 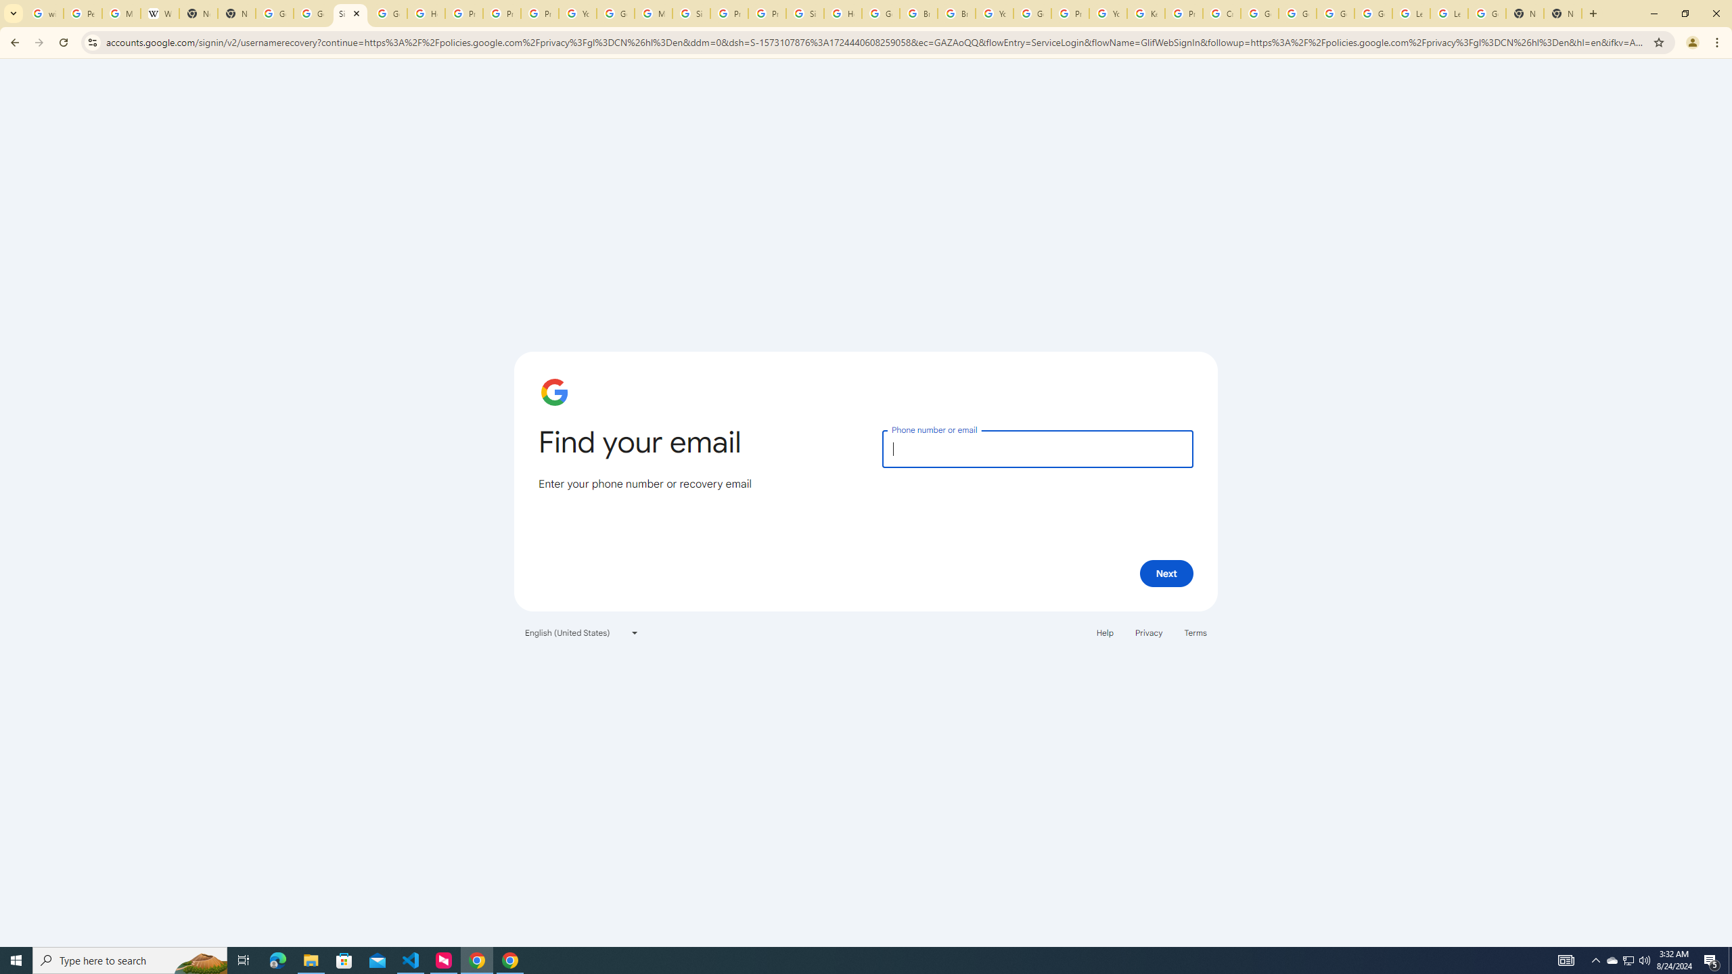 I want to click on 'Help', so click(x=1104, y=632).